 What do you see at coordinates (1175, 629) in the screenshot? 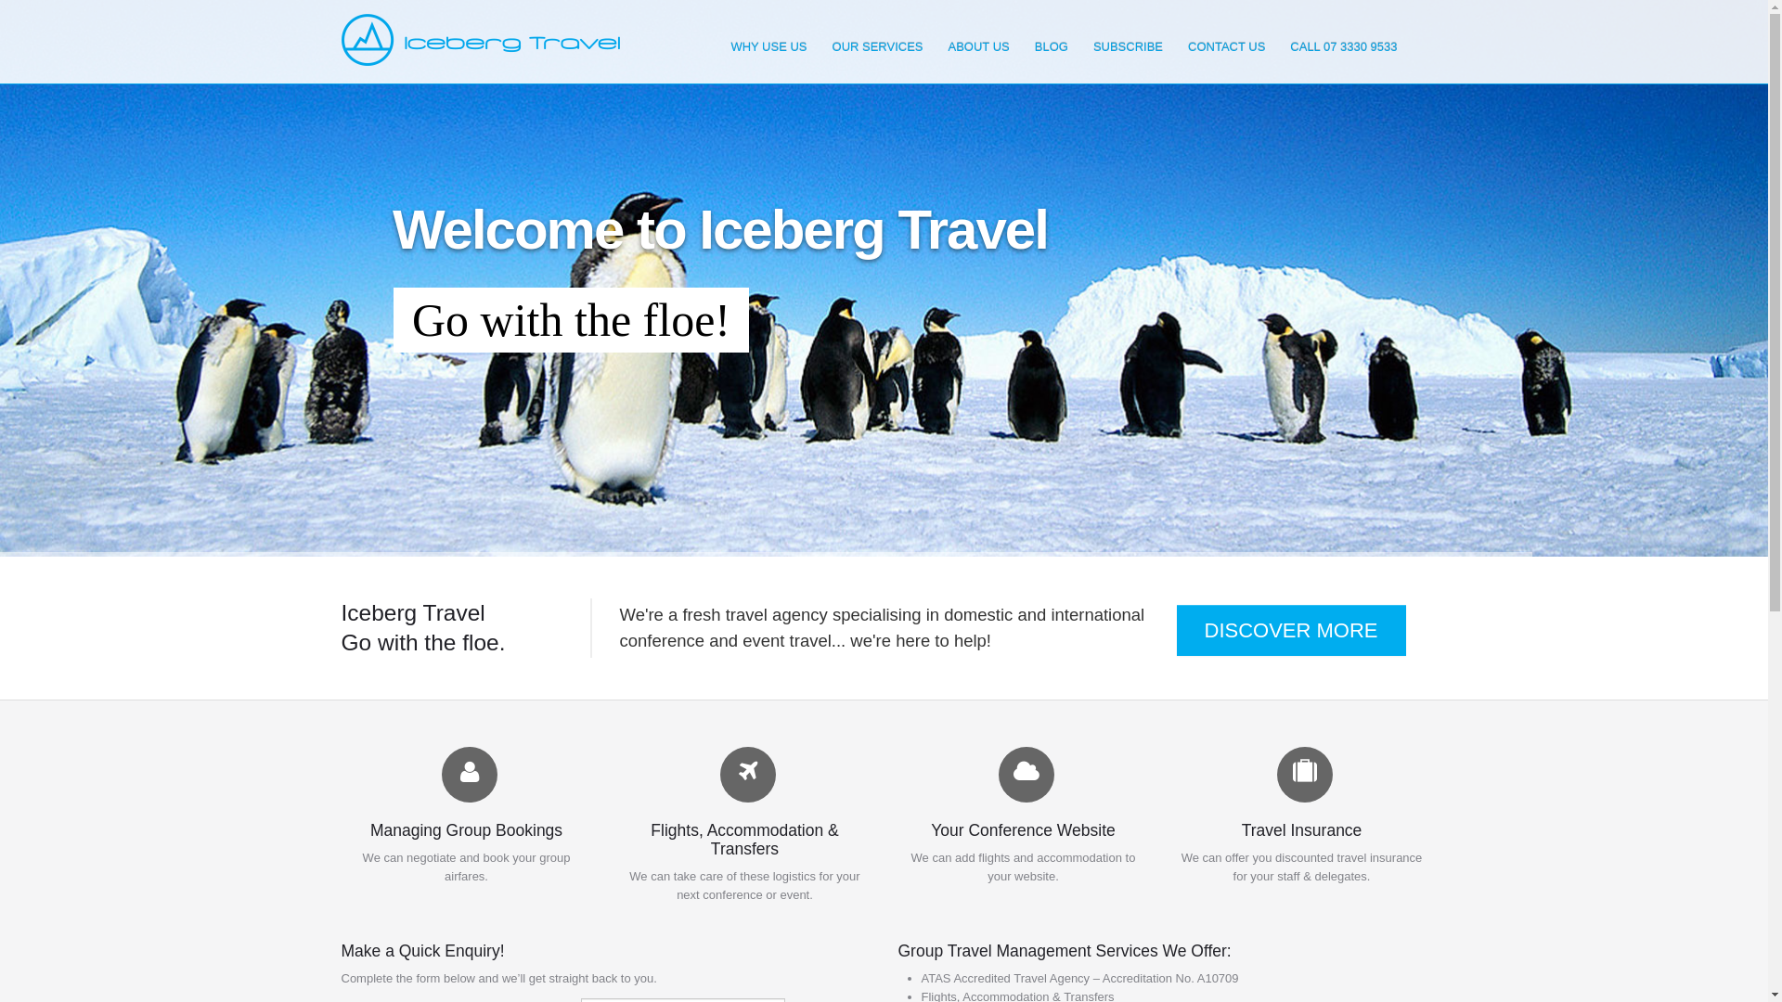
I see `'DISCOVER MORE'` at bounding box center [1175, 629].